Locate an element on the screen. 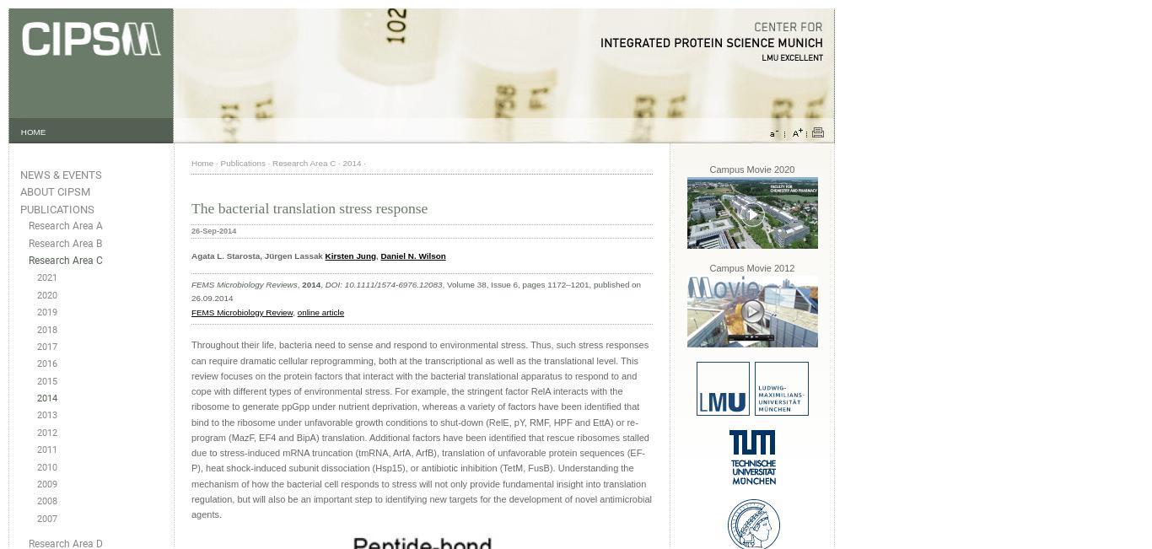  'Campus Movie 2012' is located at coordinates (751, 267).